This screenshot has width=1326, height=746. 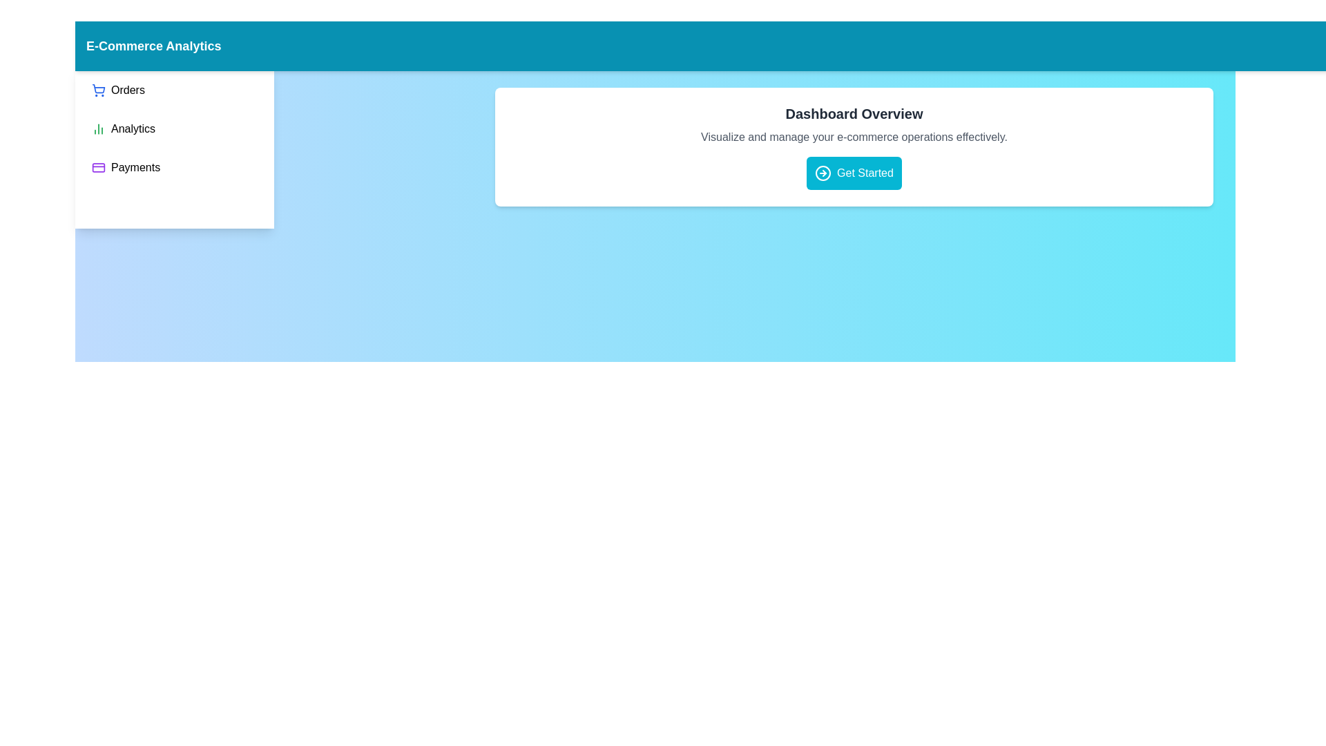 What do you see at coordinates (98, 128) in the screenshot?
I see `the 'Analytics' icon, which visually represents the analytics section in the sidebar menu` at bounding box center [98, 128].